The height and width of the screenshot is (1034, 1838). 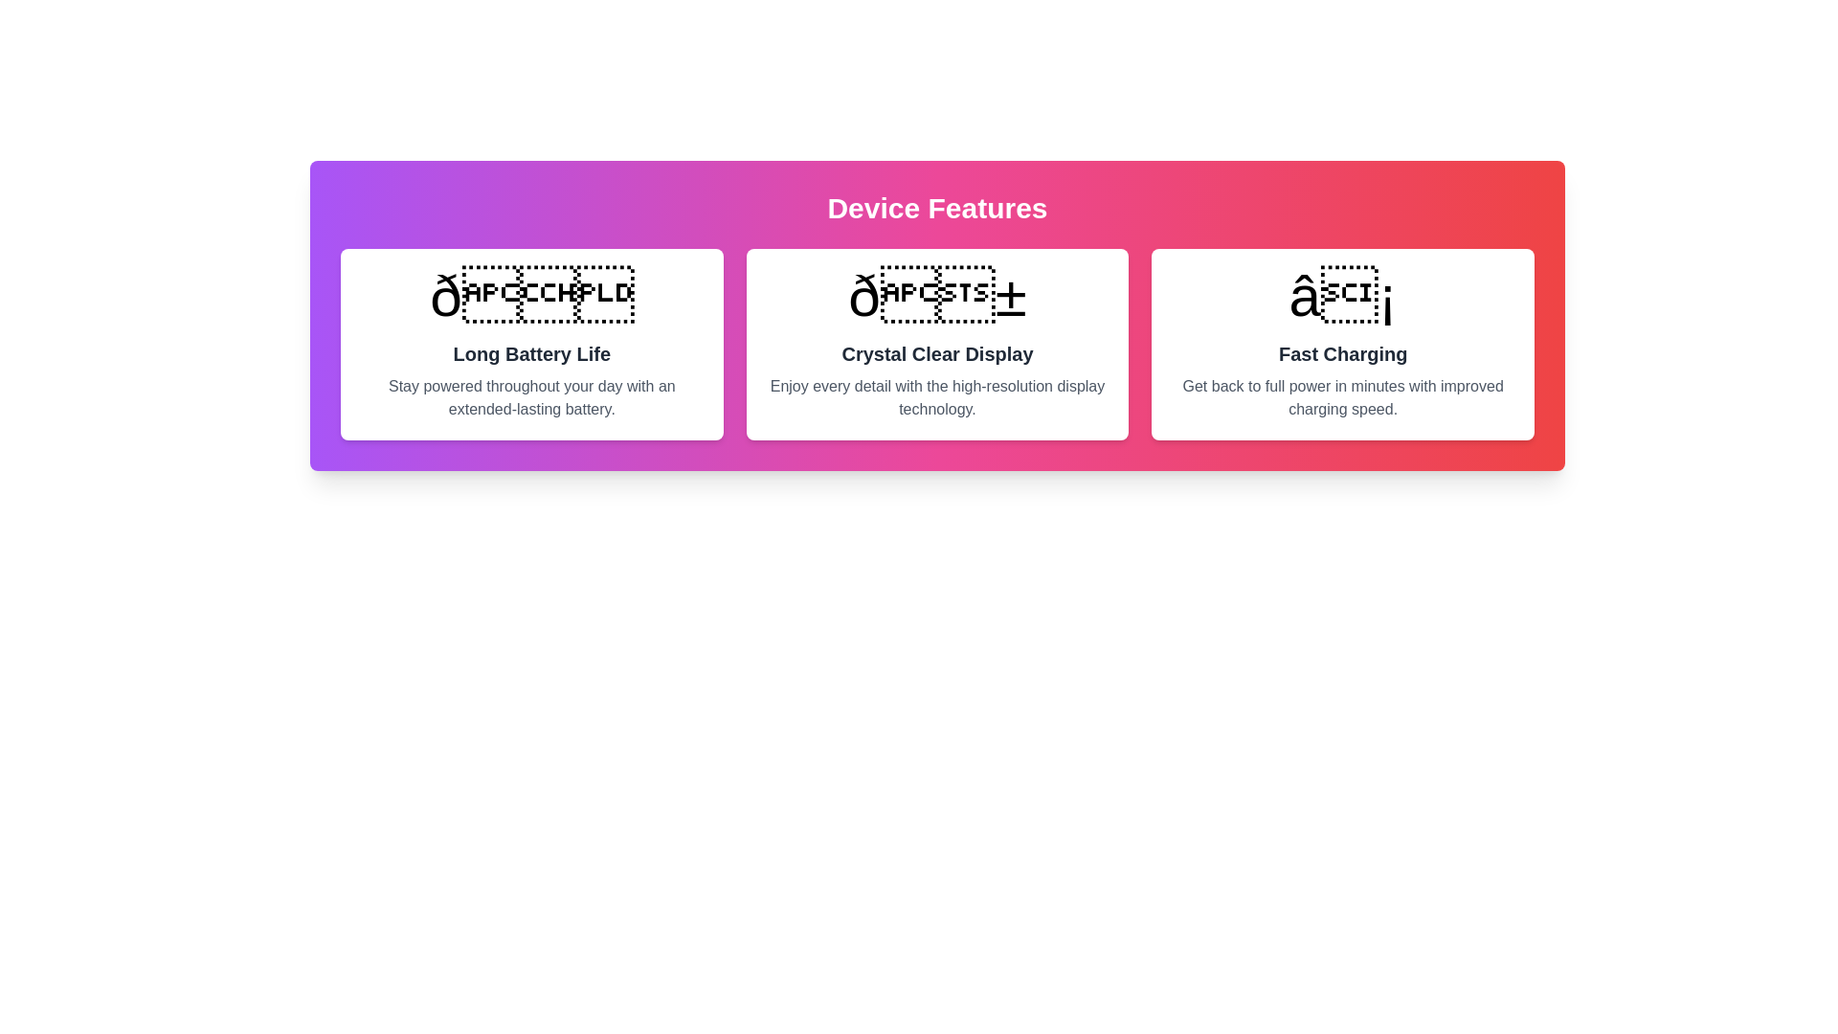 What do you see at coordinates (1342, 397) in the screenshot?
I see `the text label that reads 'Get back to full power in minutes with improved charging speed.' located below the heading 'Fast Charging' in the third card of the device features layout` at bounding box center [1342, 397].